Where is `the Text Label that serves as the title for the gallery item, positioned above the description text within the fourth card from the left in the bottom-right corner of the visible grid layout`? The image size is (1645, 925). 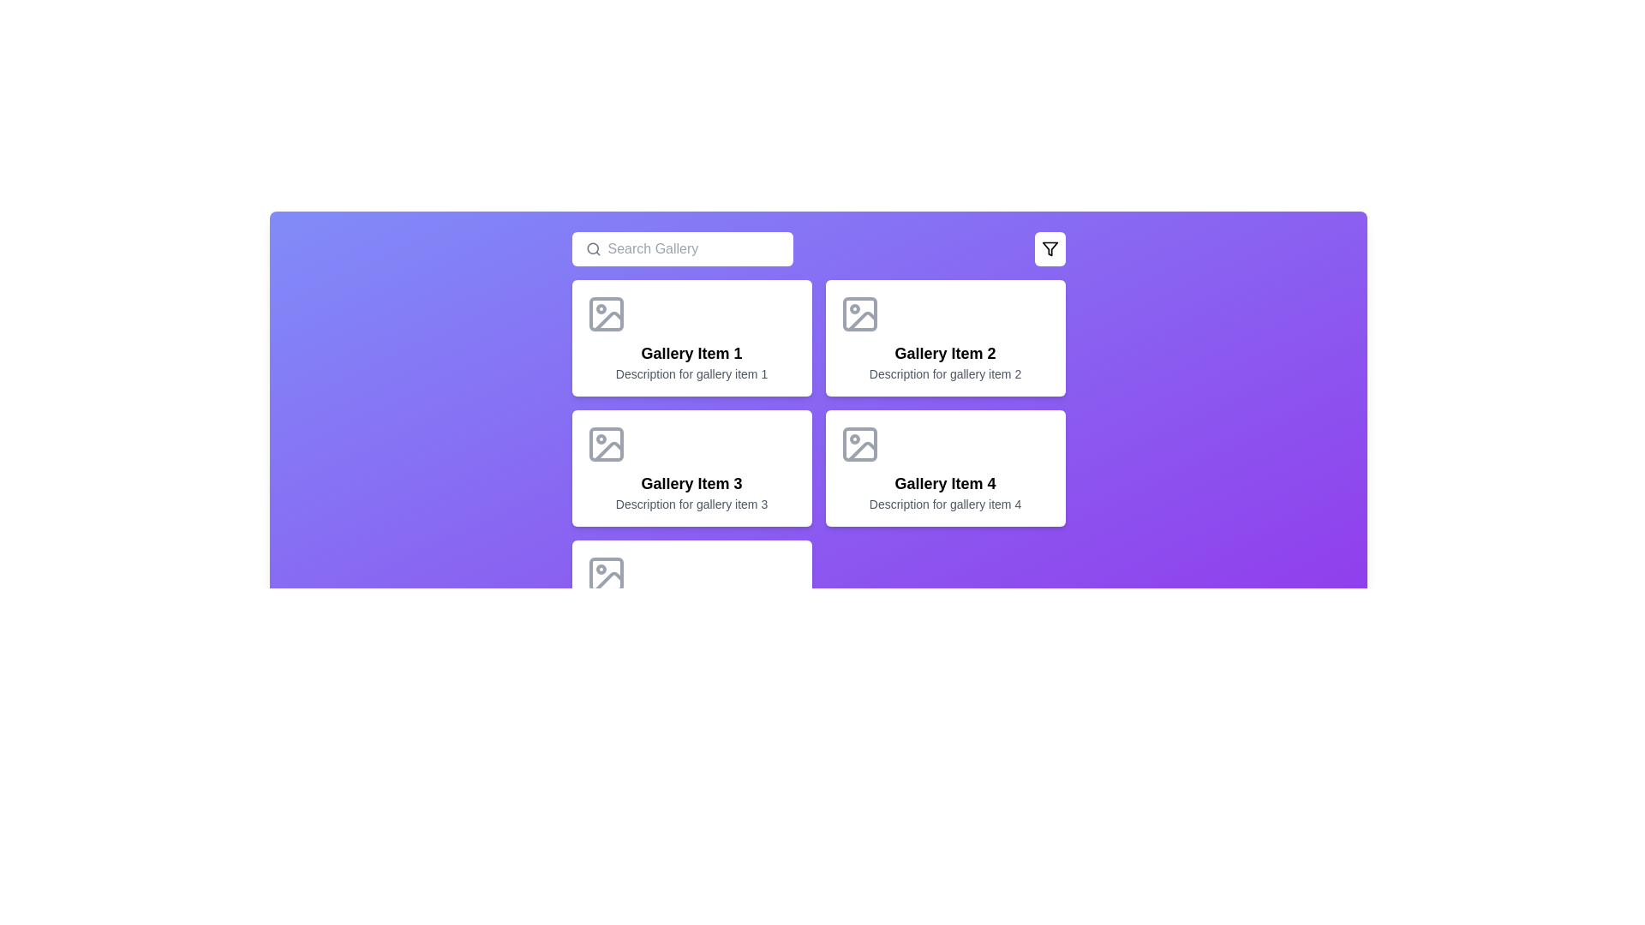
the Text Label that serves as the title for the gallery item, positioned above the description text within the fourth card from the left in the bottom-right corner of the visible grid layout is located at coordinates (944, 483).